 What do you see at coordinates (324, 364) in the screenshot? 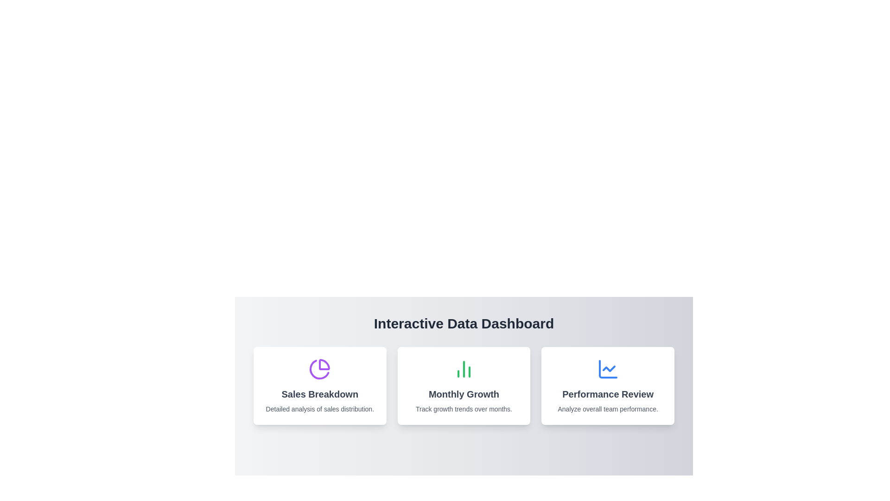
I see `the purple arc segment of the pie chart icon located in the 'Sales Breakdown' card on the dashboard` at bounding box center [324, 364].